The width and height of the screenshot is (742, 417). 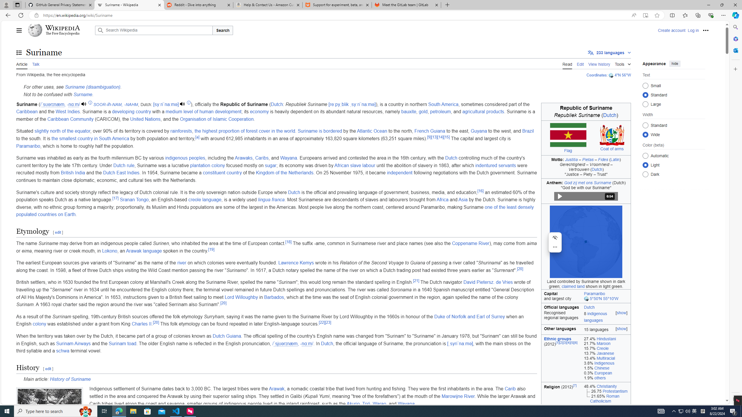 I want to click on 'Automatic', so click(x=645, y=155).